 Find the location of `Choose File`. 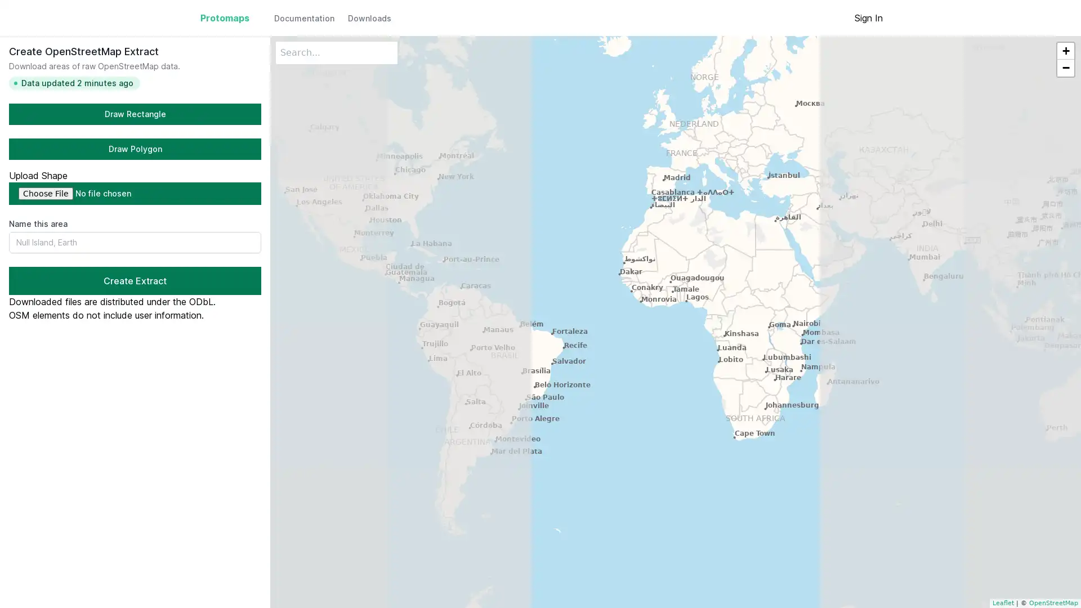

Choose File is located at coordinates (45, 193).